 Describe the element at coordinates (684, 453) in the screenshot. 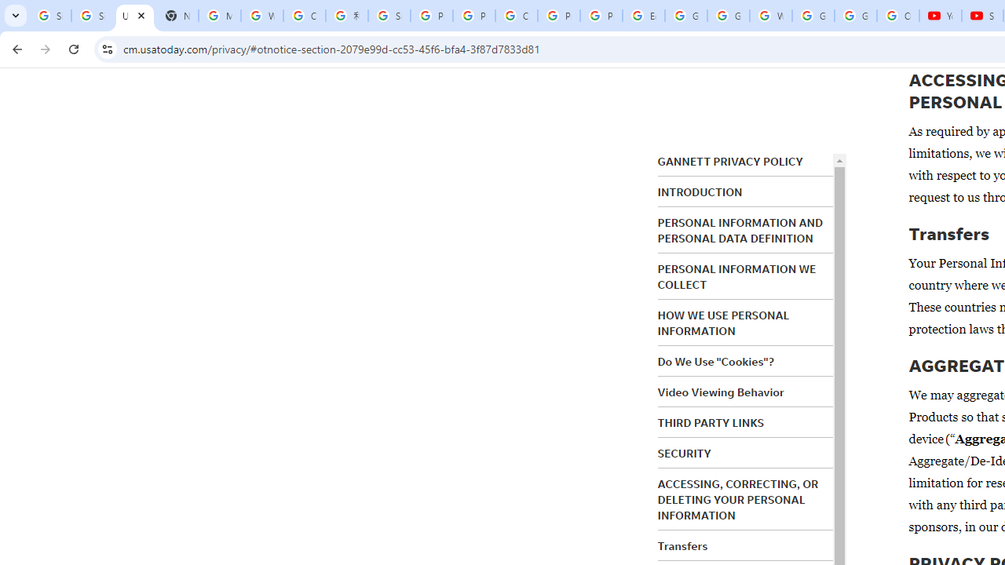

I see `'SECURITY'` at that location.